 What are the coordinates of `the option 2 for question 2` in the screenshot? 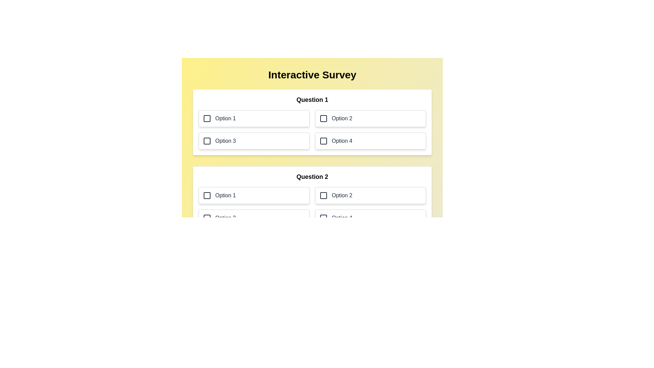 It's located at (370, 196).